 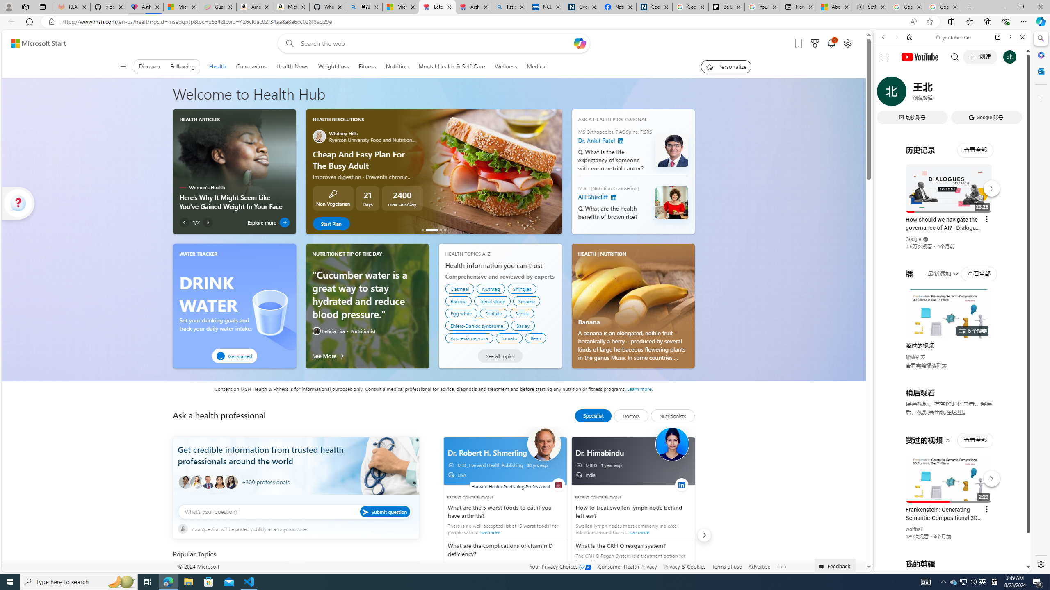 What do you see at coordinates (269, 222) in the screenshot?
I see `'Explore more'` at bounding box center [269, 222].